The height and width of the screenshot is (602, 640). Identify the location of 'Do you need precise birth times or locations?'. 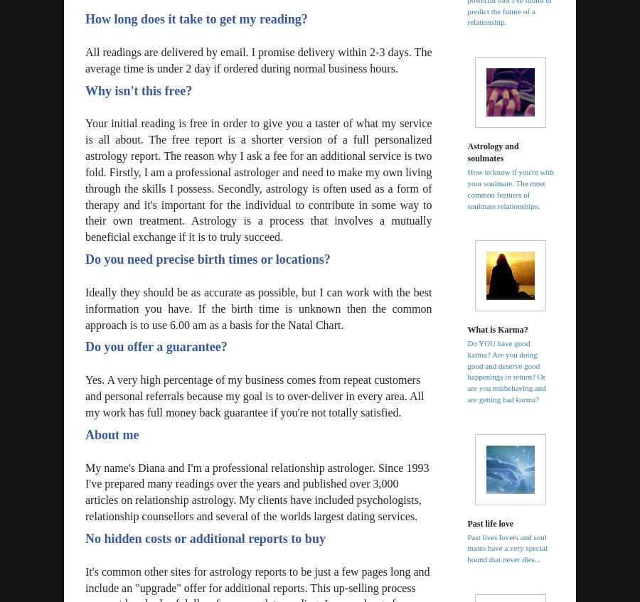
(206, 258).